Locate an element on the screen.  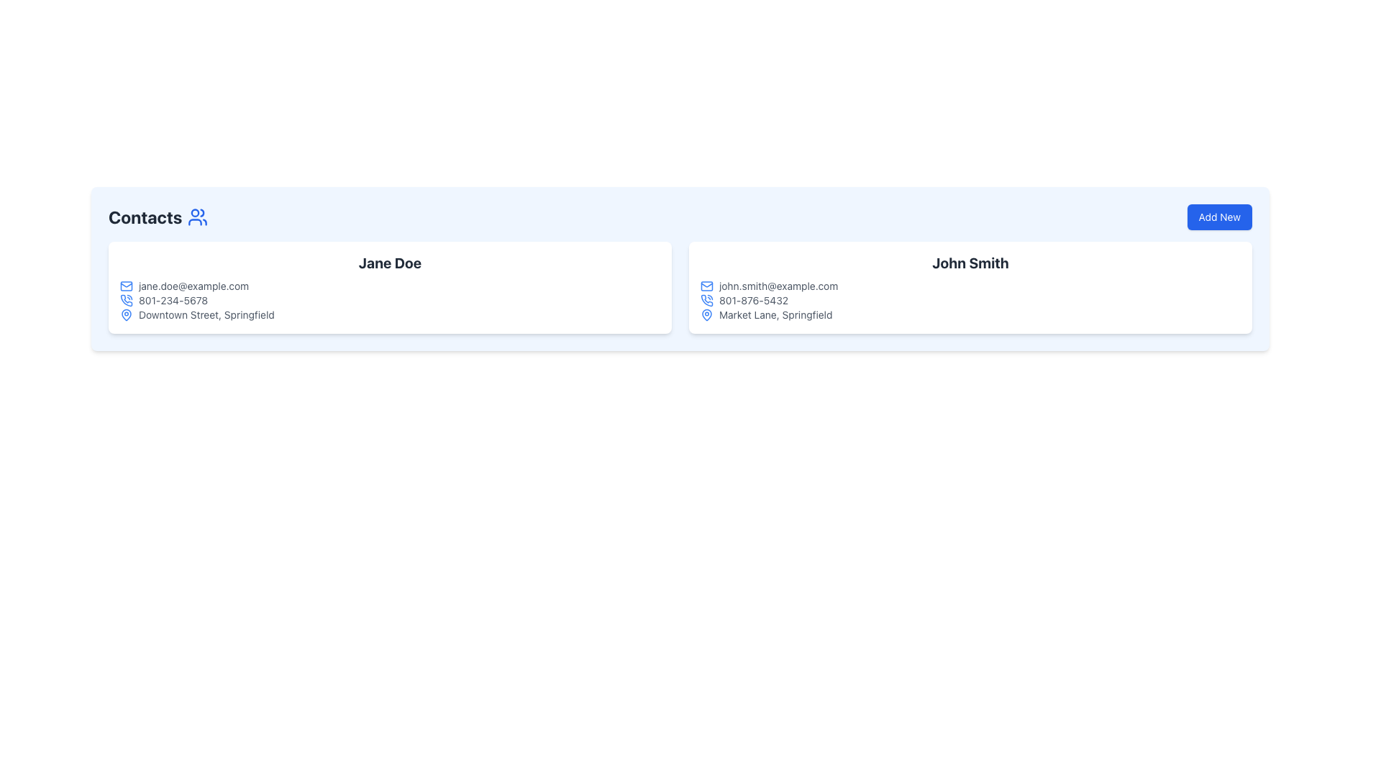
the text label displaying 'jane.doe@example.com' is located at coordinates (193, 286).